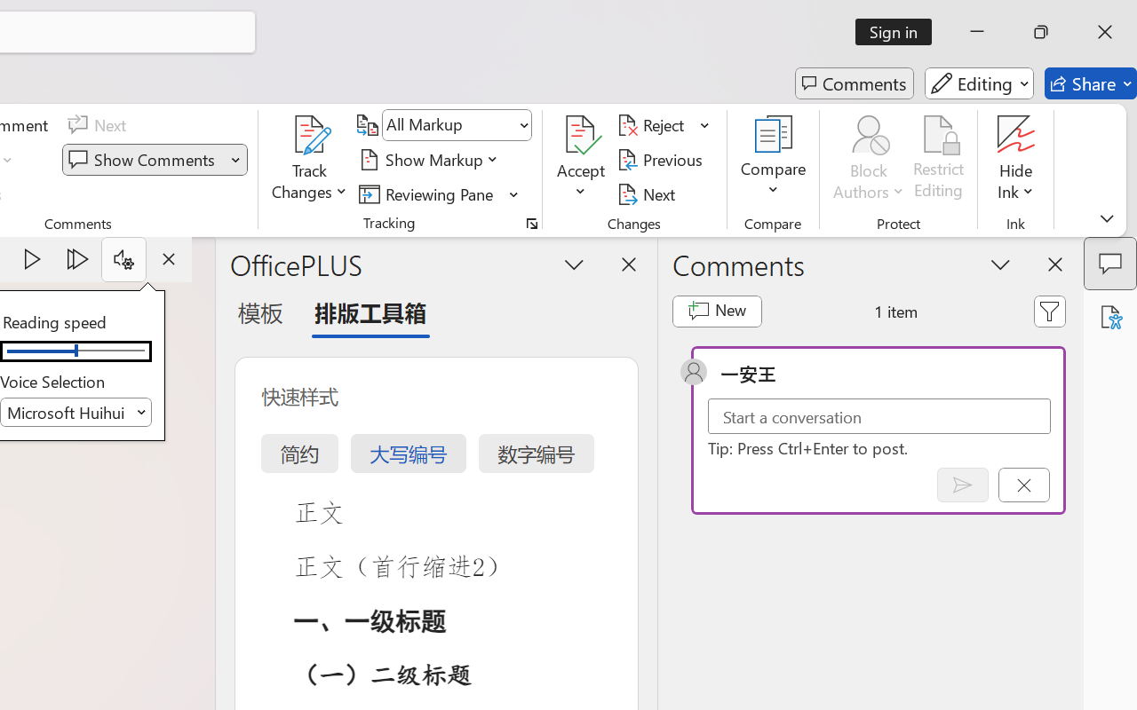 This screenshot has height=710, width=1137. What do you see at coordinates (1016, 159) in the screenshot?
I see `'Hide Ink'` at bounding box center [1016, 159].